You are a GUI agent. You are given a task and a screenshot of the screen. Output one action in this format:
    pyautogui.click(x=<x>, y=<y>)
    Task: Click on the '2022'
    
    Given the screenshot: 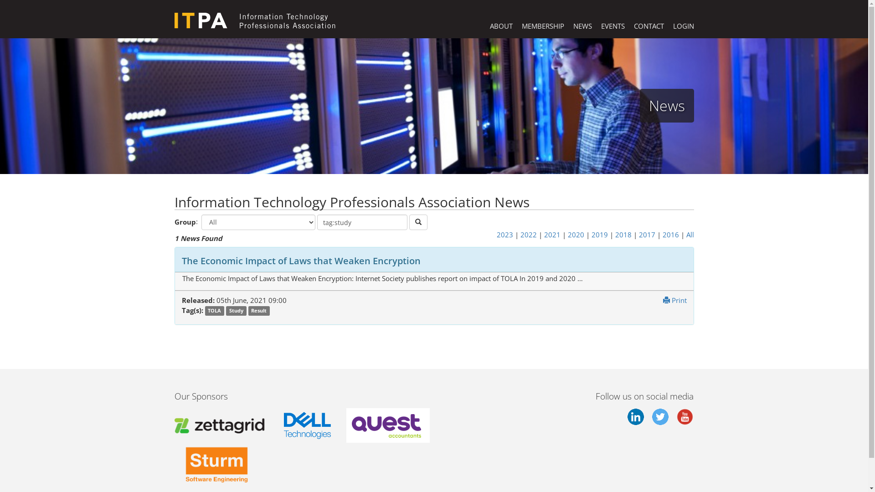 What is the action you would take?
    pyautogui.click(x=520, y=234)
    